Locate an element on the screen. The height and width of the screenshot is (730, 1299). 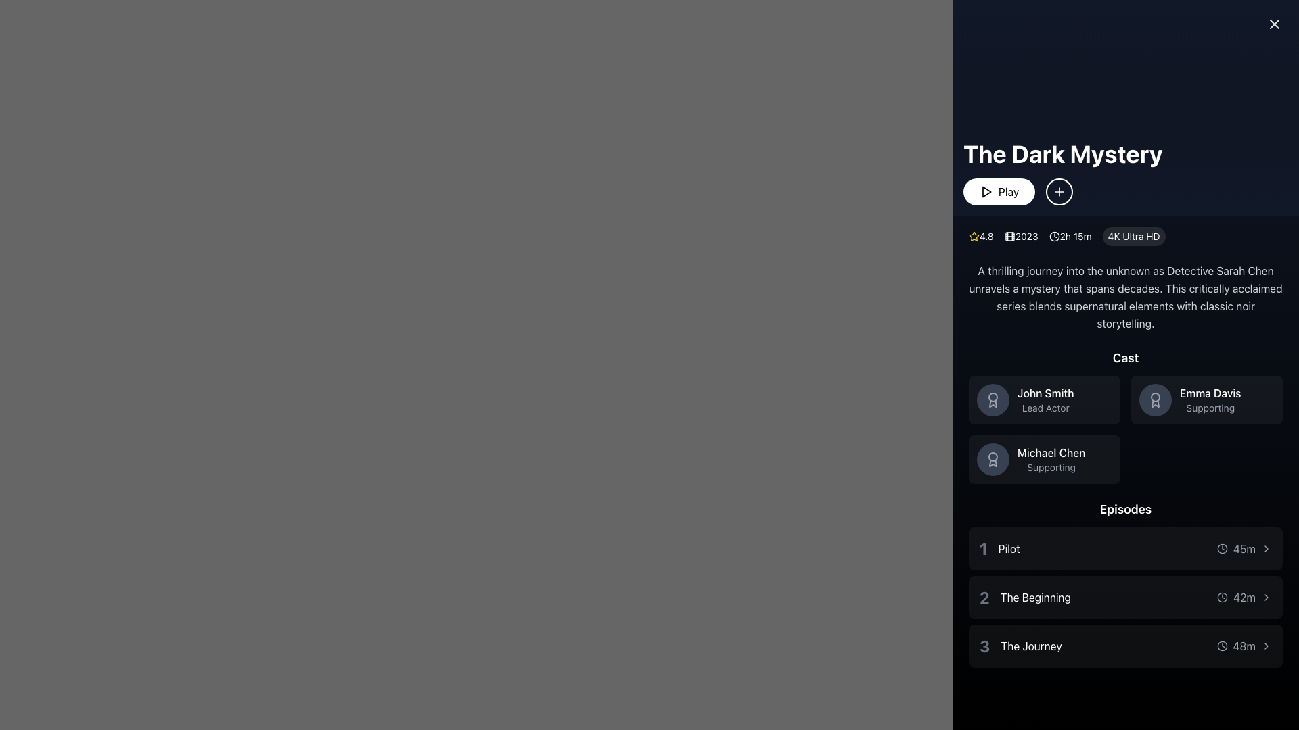
the clock icon that visually represents time, located to the left of the displayed duration '2h 15m' is located at coordinates (1053, 236).